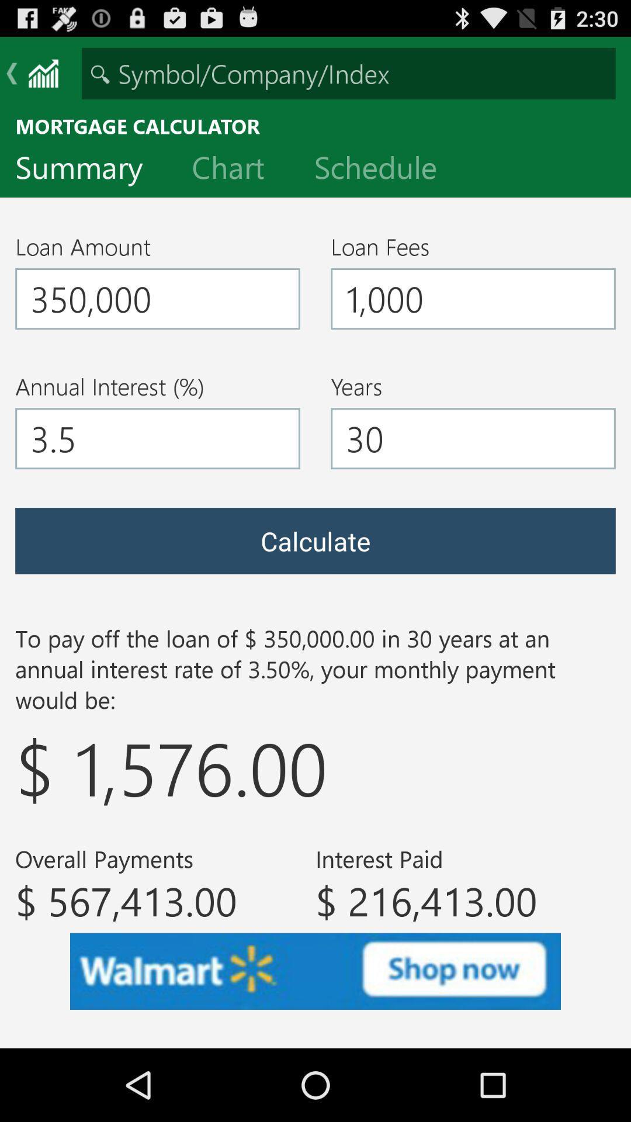  What do you see at coordinates (315, 540) in the screenshot?
I see `the calculate` at bounding box center [315, 540].